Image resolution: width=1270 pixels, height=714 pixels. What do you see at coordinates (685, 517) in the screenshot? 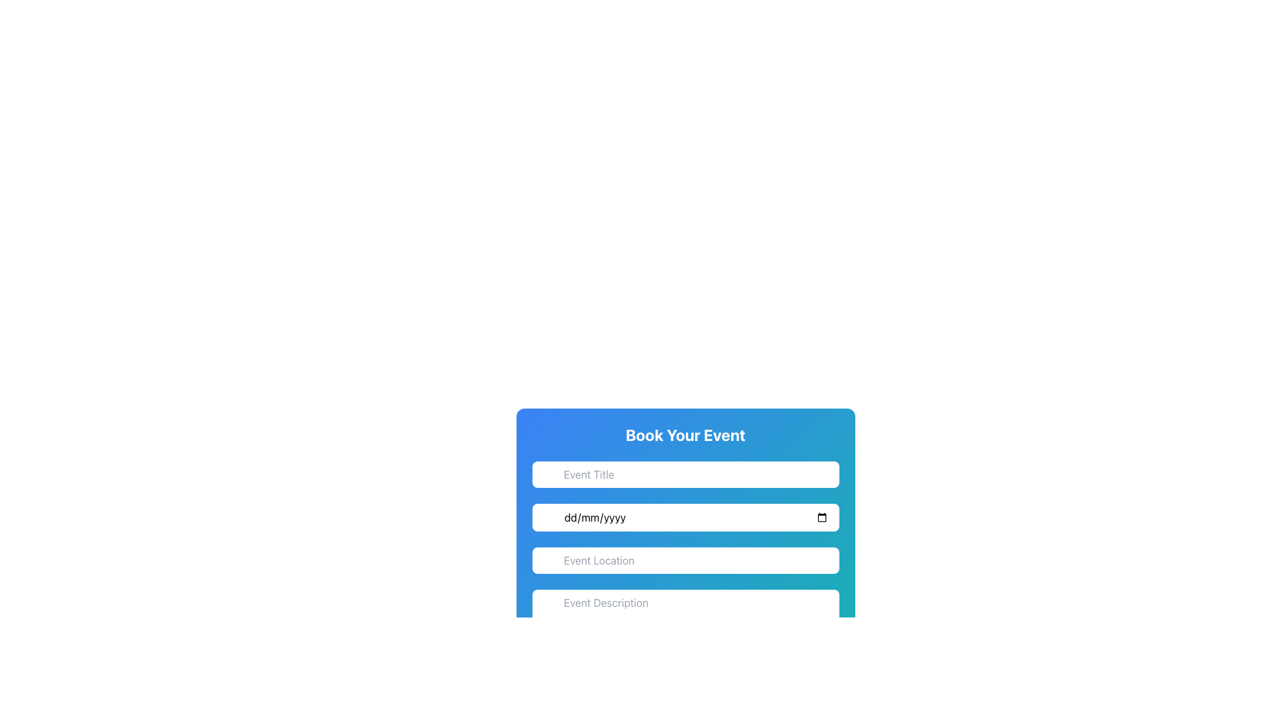
I see `the Date Input Field located below the 'Event Title' input box and above the 'Event Location' input box` at bounding box center [685, 517].